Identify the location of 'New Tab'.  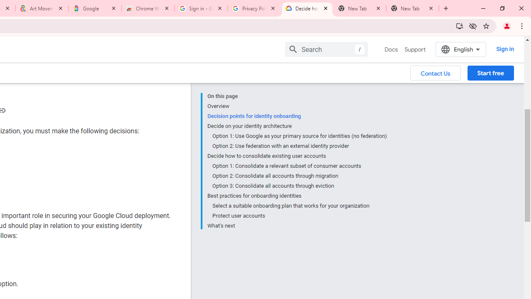
(412, 8).